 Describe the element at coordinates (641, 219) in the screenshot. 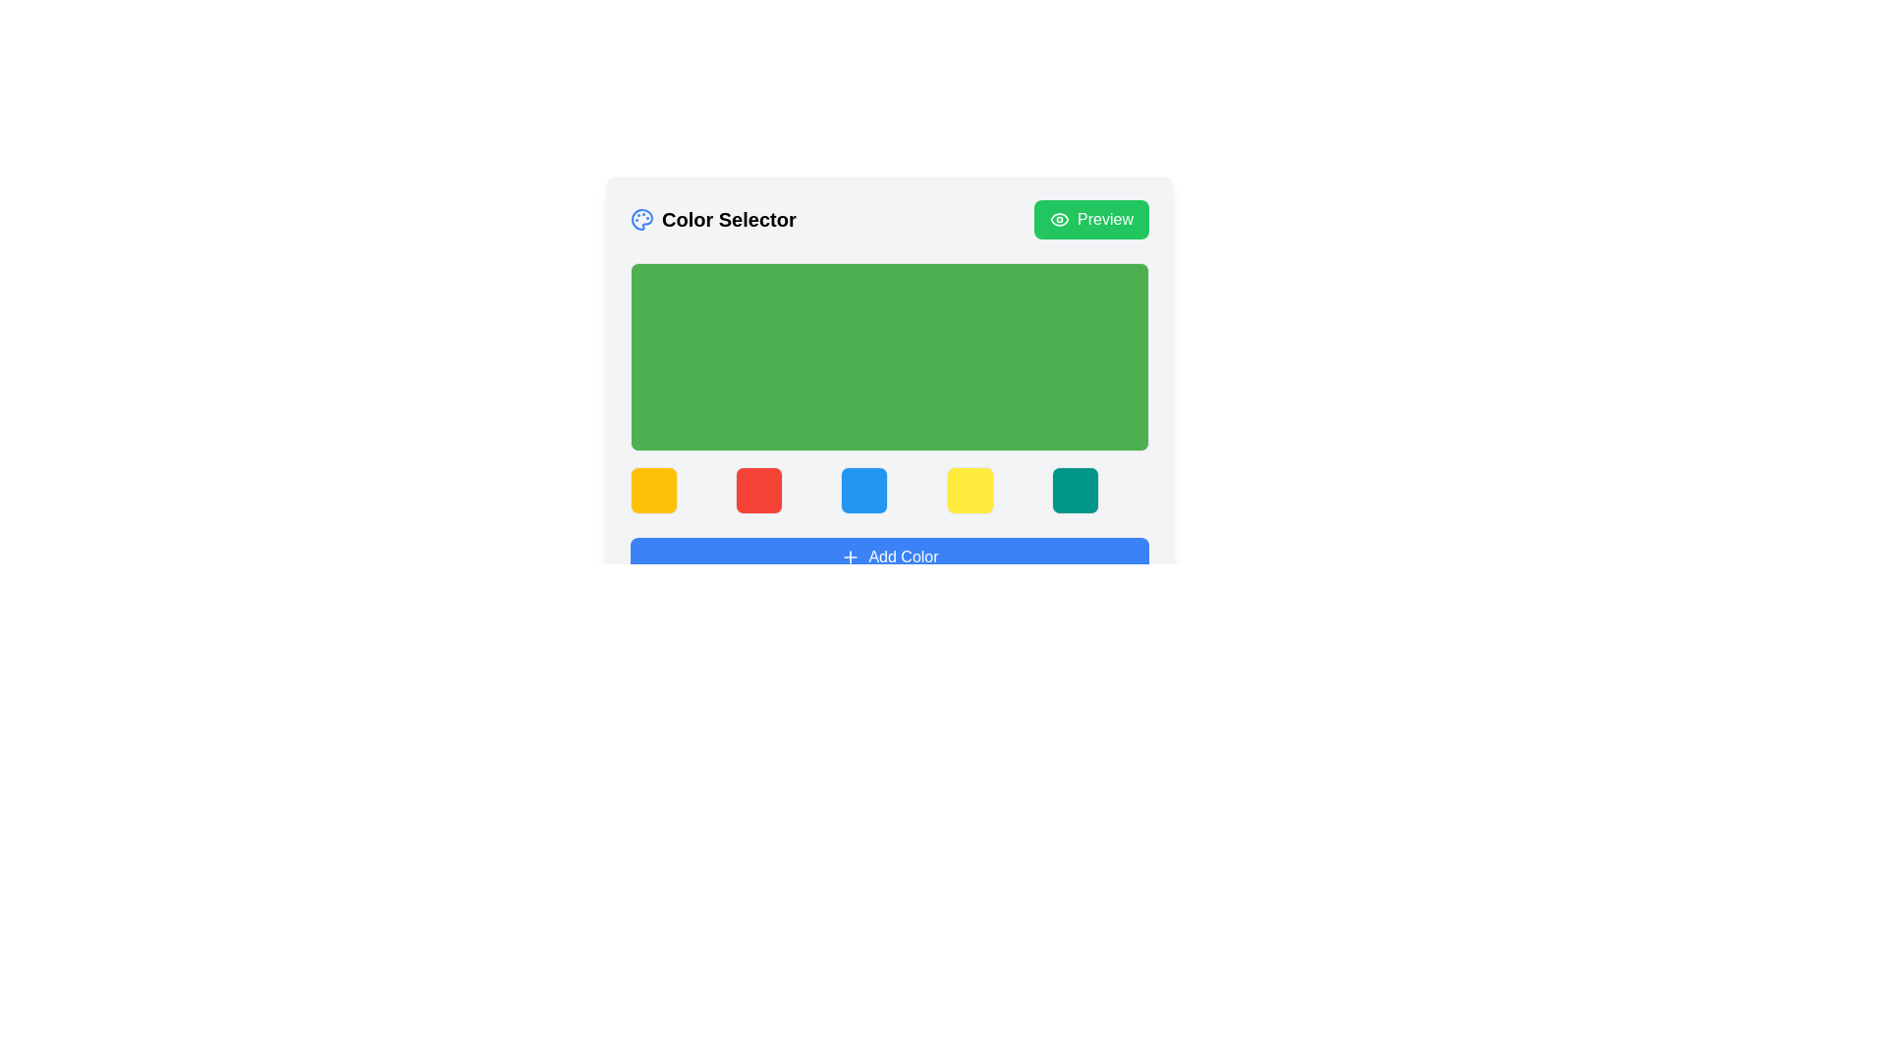

I see `the oval outline part of the color palette icon located in the top-left corner of the interface near the 'Color Selector' title` at that location.